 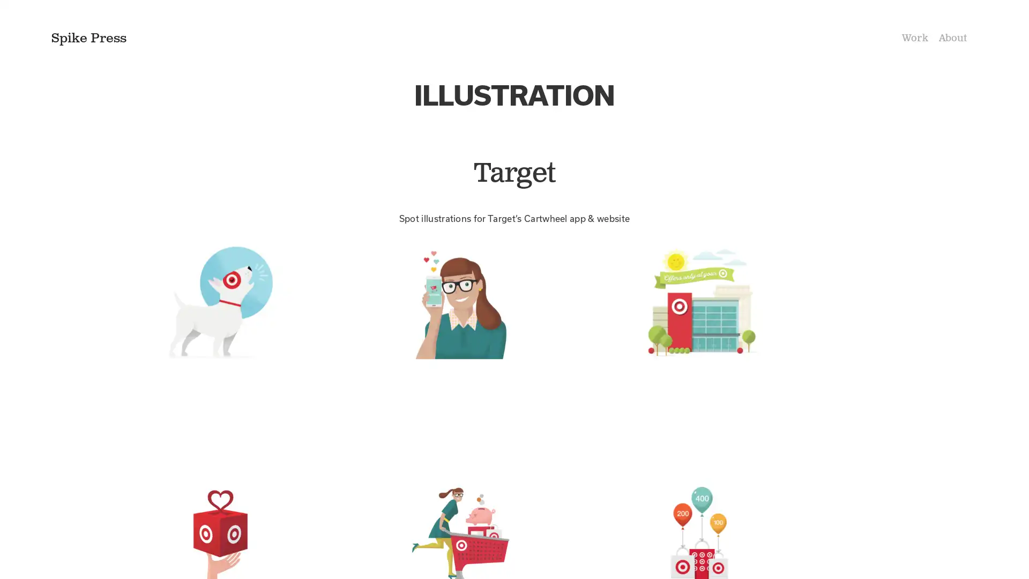 I want to click on View fullsize 02.png, so click(x=513, y=354).